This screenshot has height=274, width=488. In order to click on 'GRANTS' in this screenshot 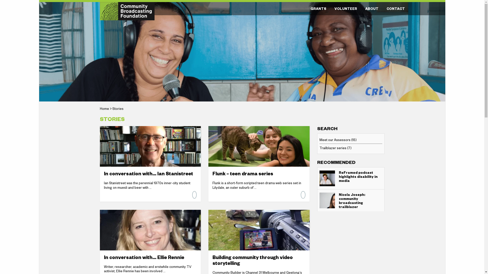, I will do `click(318, 9)`.